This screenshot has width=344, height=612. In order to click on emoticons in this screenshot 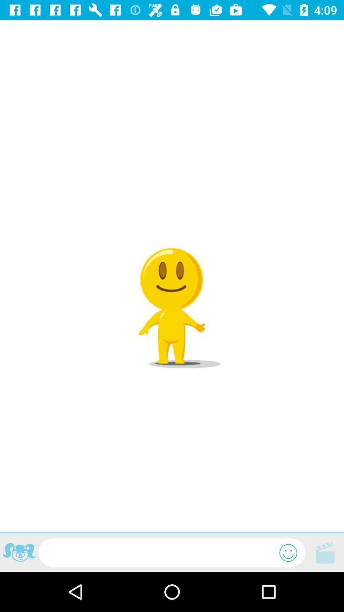, I will do `click(288, 552)`.